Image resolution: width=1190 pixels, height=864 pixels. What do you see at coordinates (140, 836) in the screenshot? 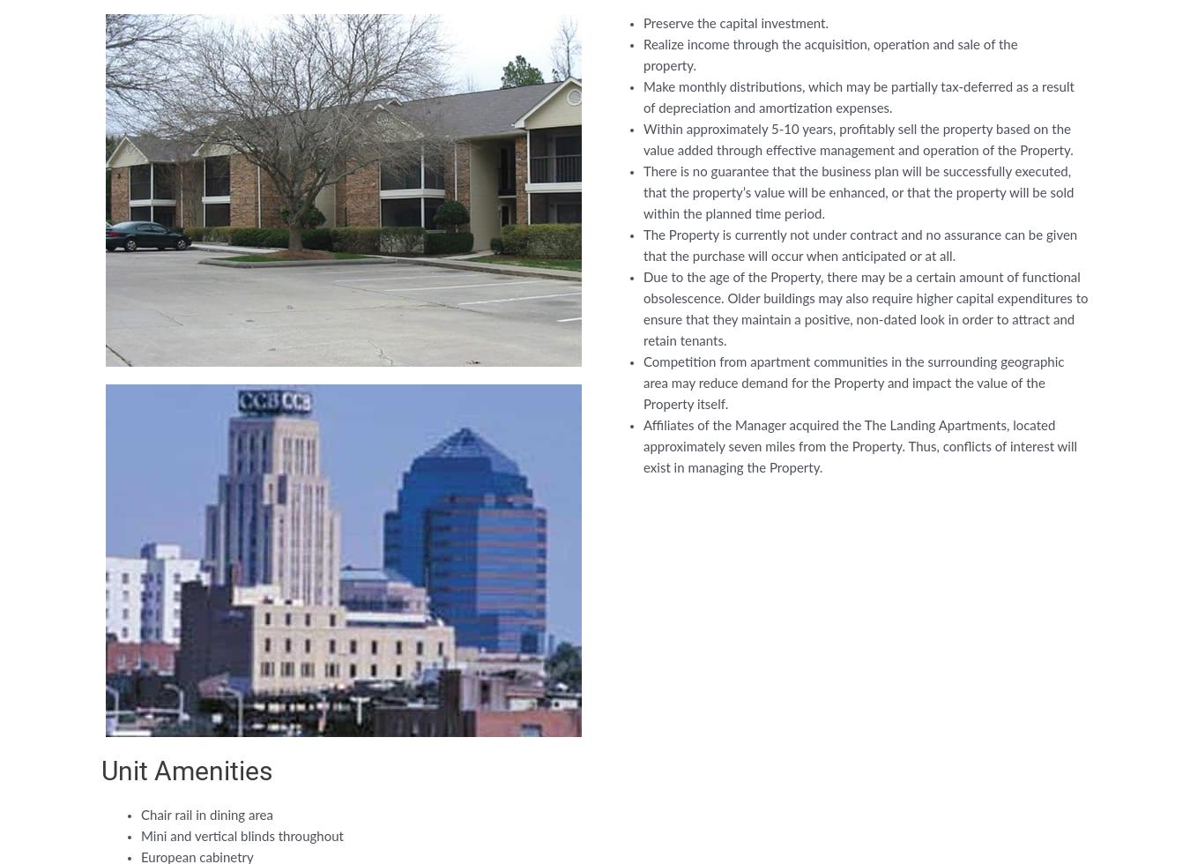
I see `'Mini and vertical blinds throughout'` at bounding box center [140, 836].